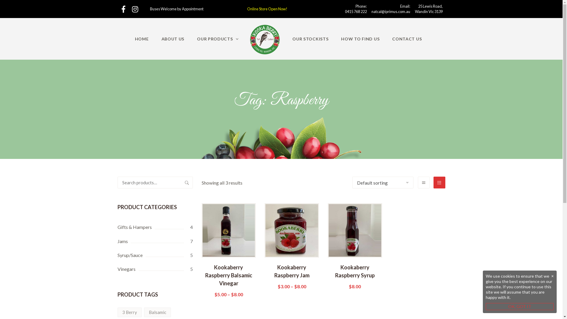 The image size is (567, 319). Describe the element at coordinates (123, 9) in the screenshot. I see `'Facebook'` at that location.